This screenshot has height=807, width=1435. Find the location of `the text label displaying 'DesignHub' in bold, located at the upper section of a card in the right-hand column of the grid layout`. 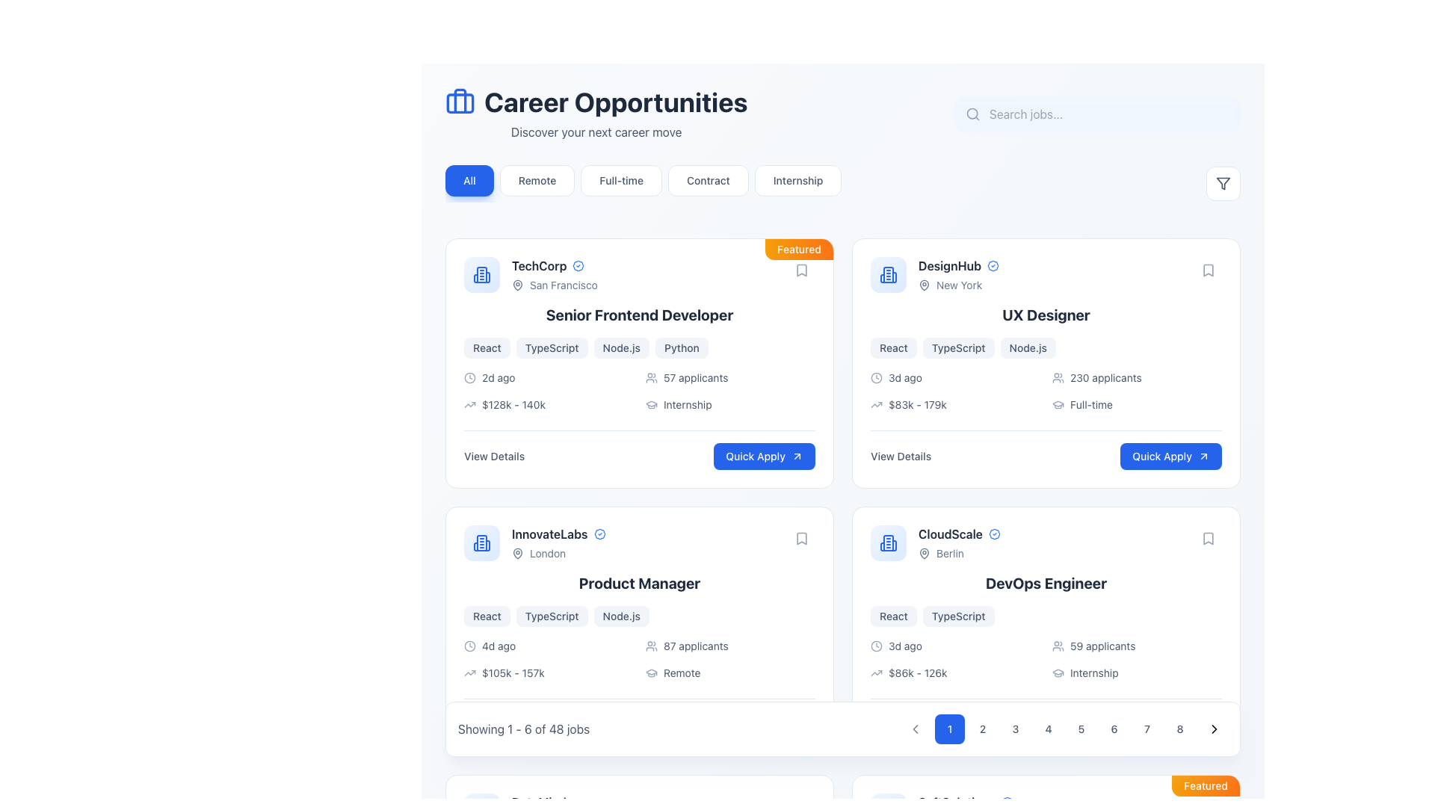

the text label displaying 'DesignHub' in bold, located at the upper section of a card in the right-hand column of the grid layout is located at coordinates (949, 265).